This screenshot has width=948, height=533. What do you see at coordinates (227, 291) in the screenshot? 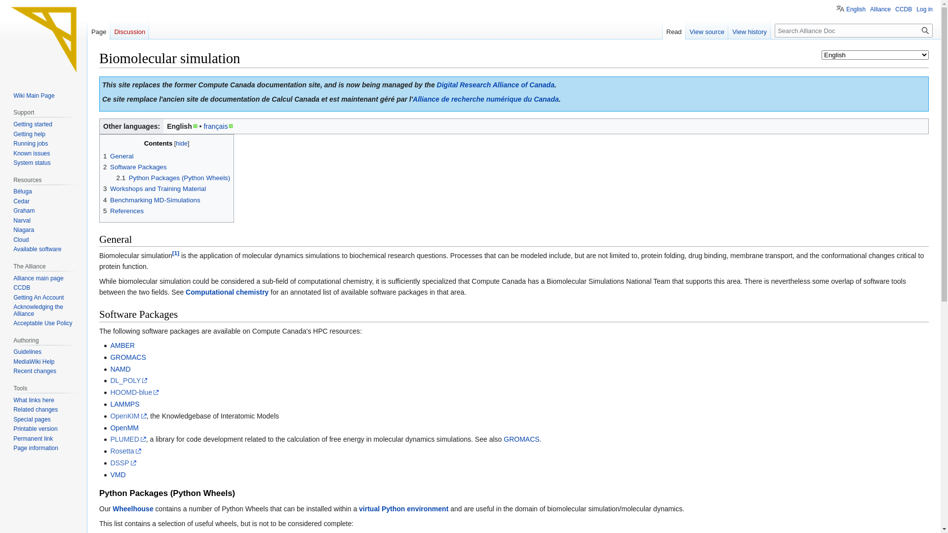
I see `'Computational chemistry'` at bounding box center [227, 291].